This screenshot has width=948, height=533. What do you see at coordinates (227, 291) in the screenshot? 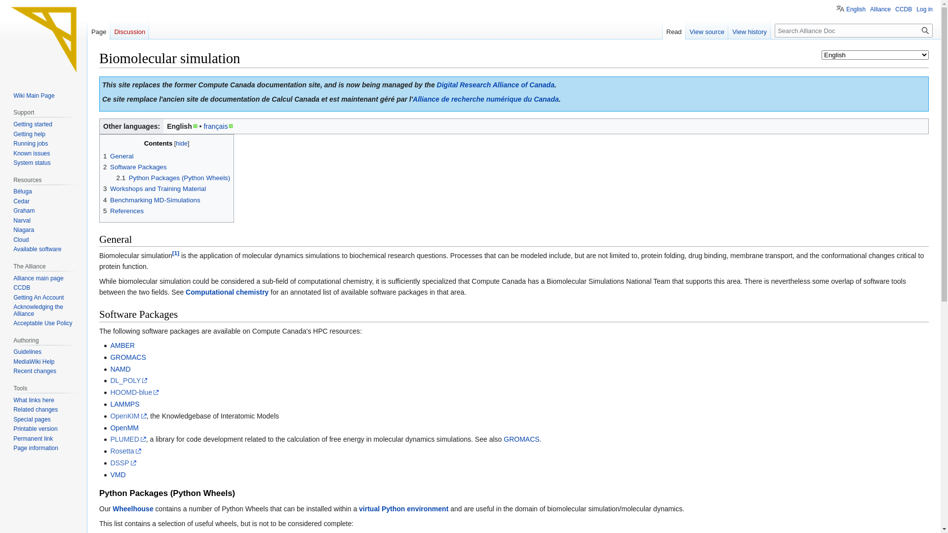
I see `'Computational chemistry'` at bounding box center [227, 291].